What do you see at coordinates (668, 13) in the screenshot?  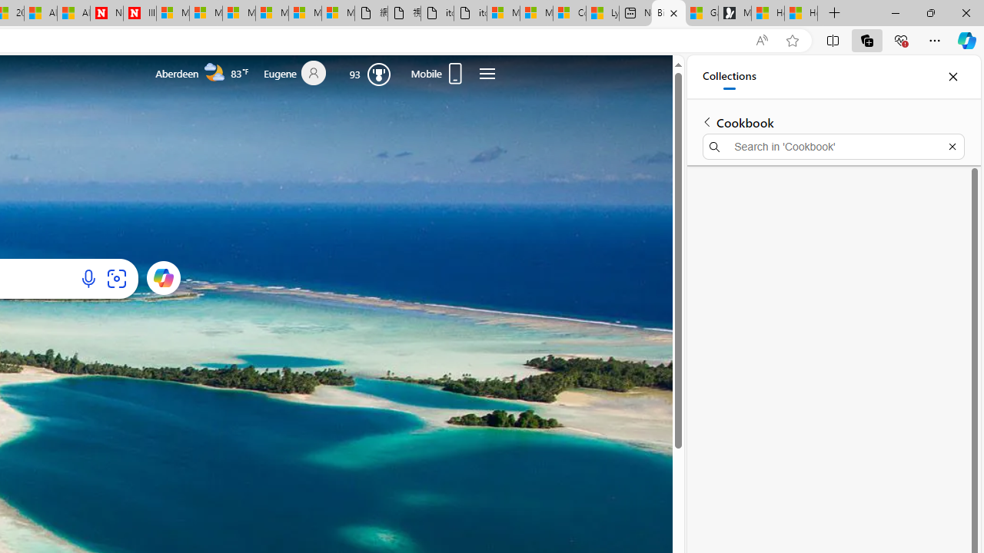 I see `'Bing'` at bounding box center [668, 13].